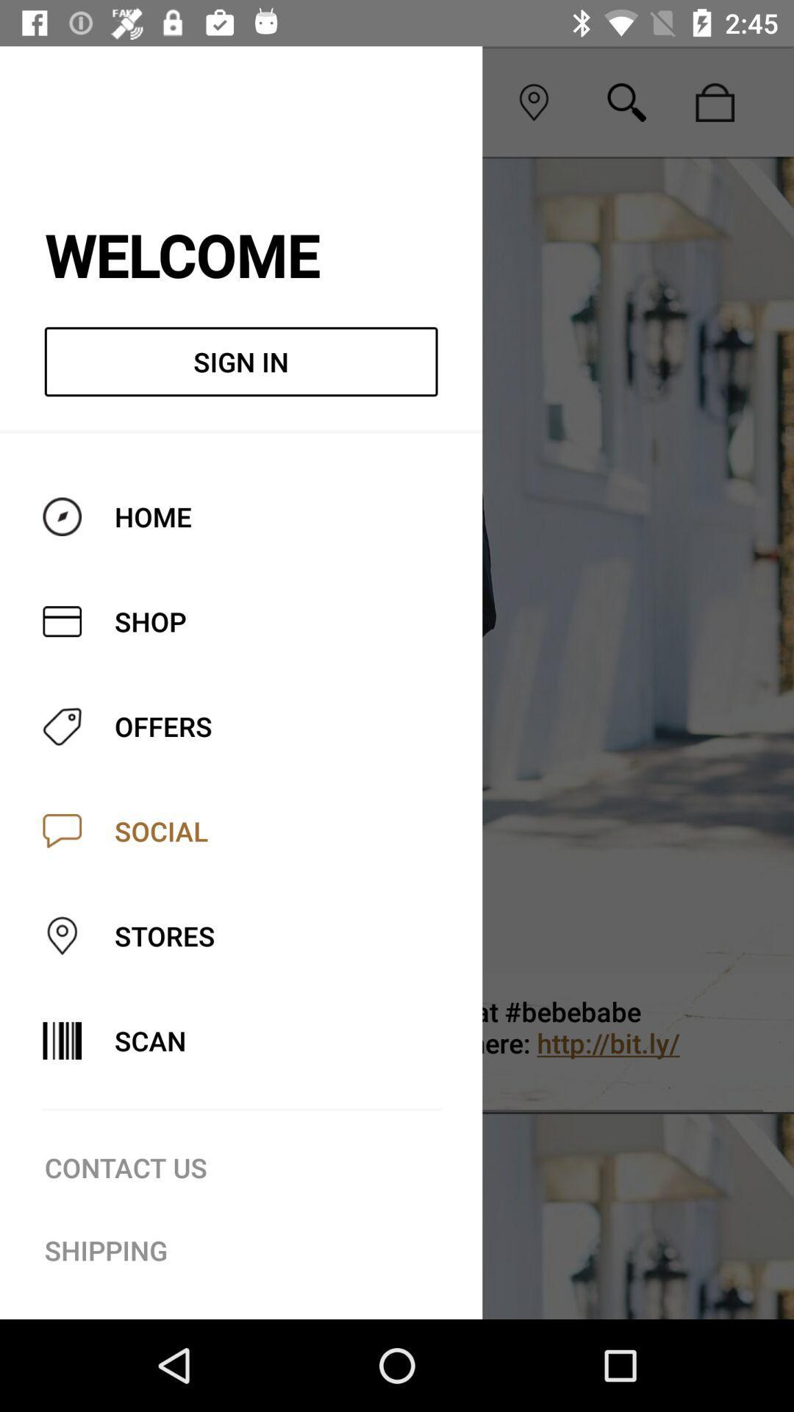  Describe the element at coordinates (457, 1042) in the screenshot. I see `embroidered bomber on item` at that location.